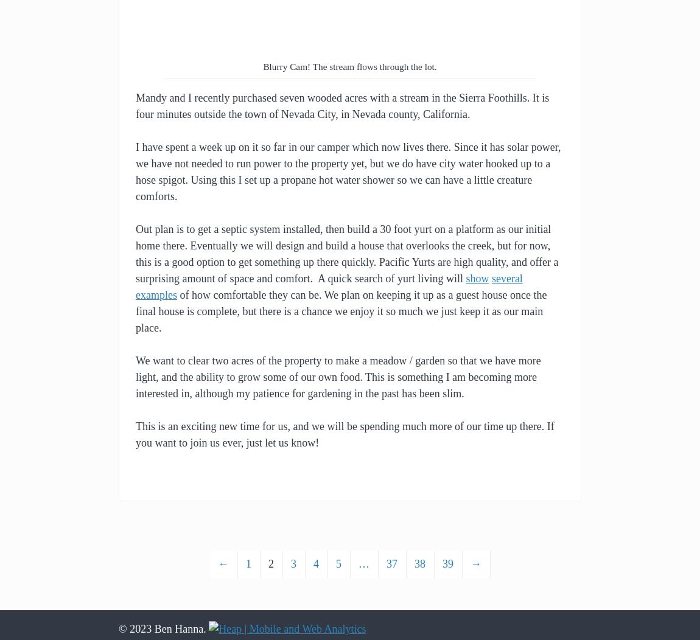  Describe the element at coordinates (263, 66) in the screenshot. I see `'Blurry Cam! The stream flows through the lot.'` at that location.